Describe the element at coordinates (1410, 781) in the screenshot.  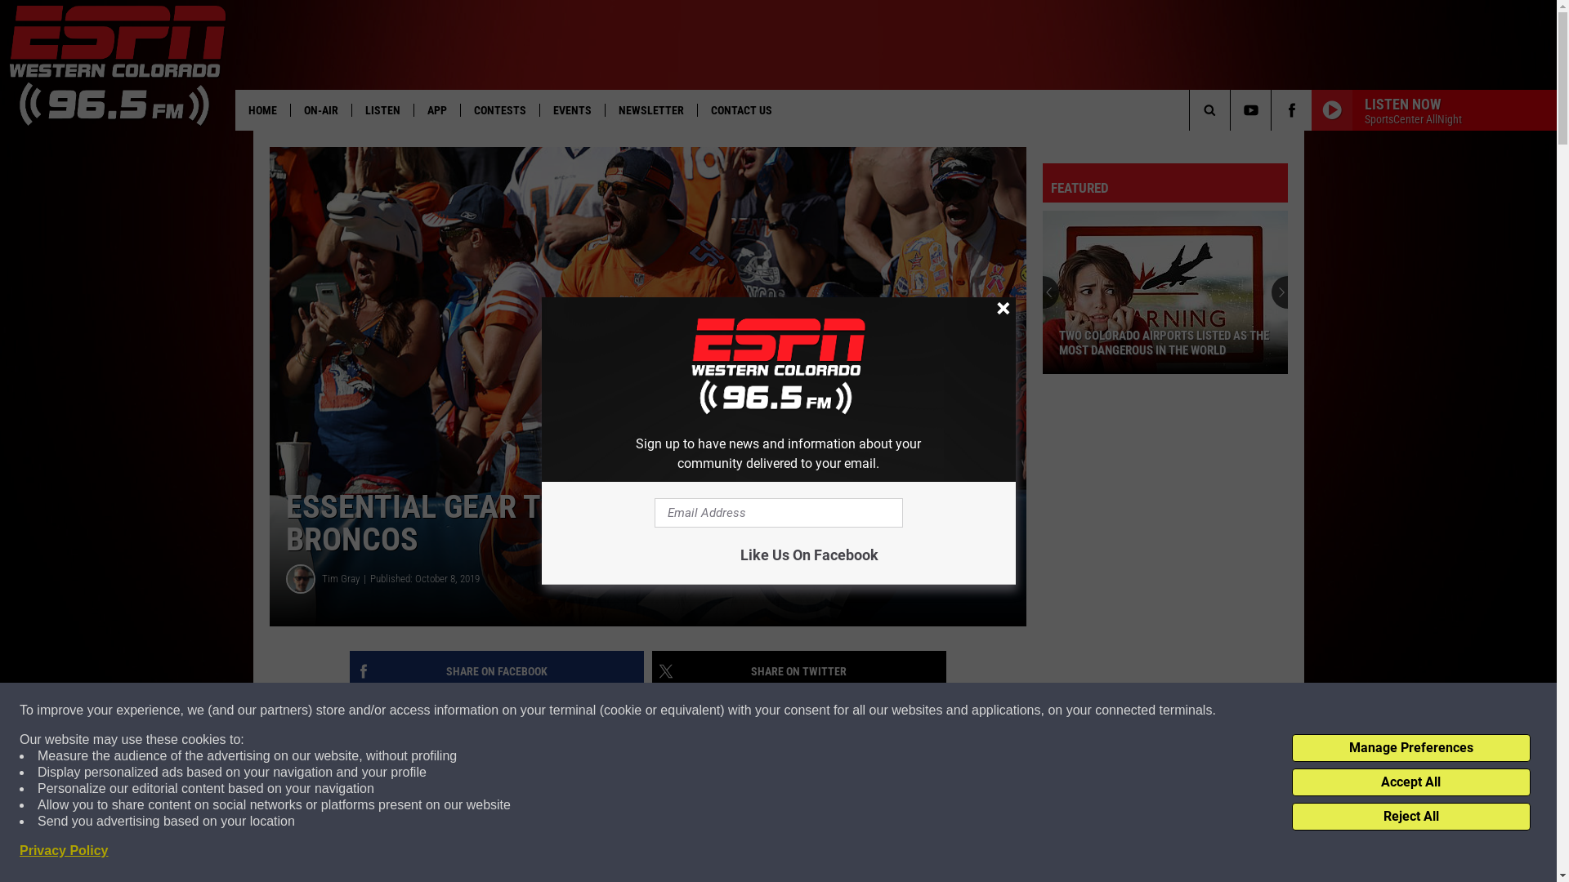
I see `'Accept All'` at that location.